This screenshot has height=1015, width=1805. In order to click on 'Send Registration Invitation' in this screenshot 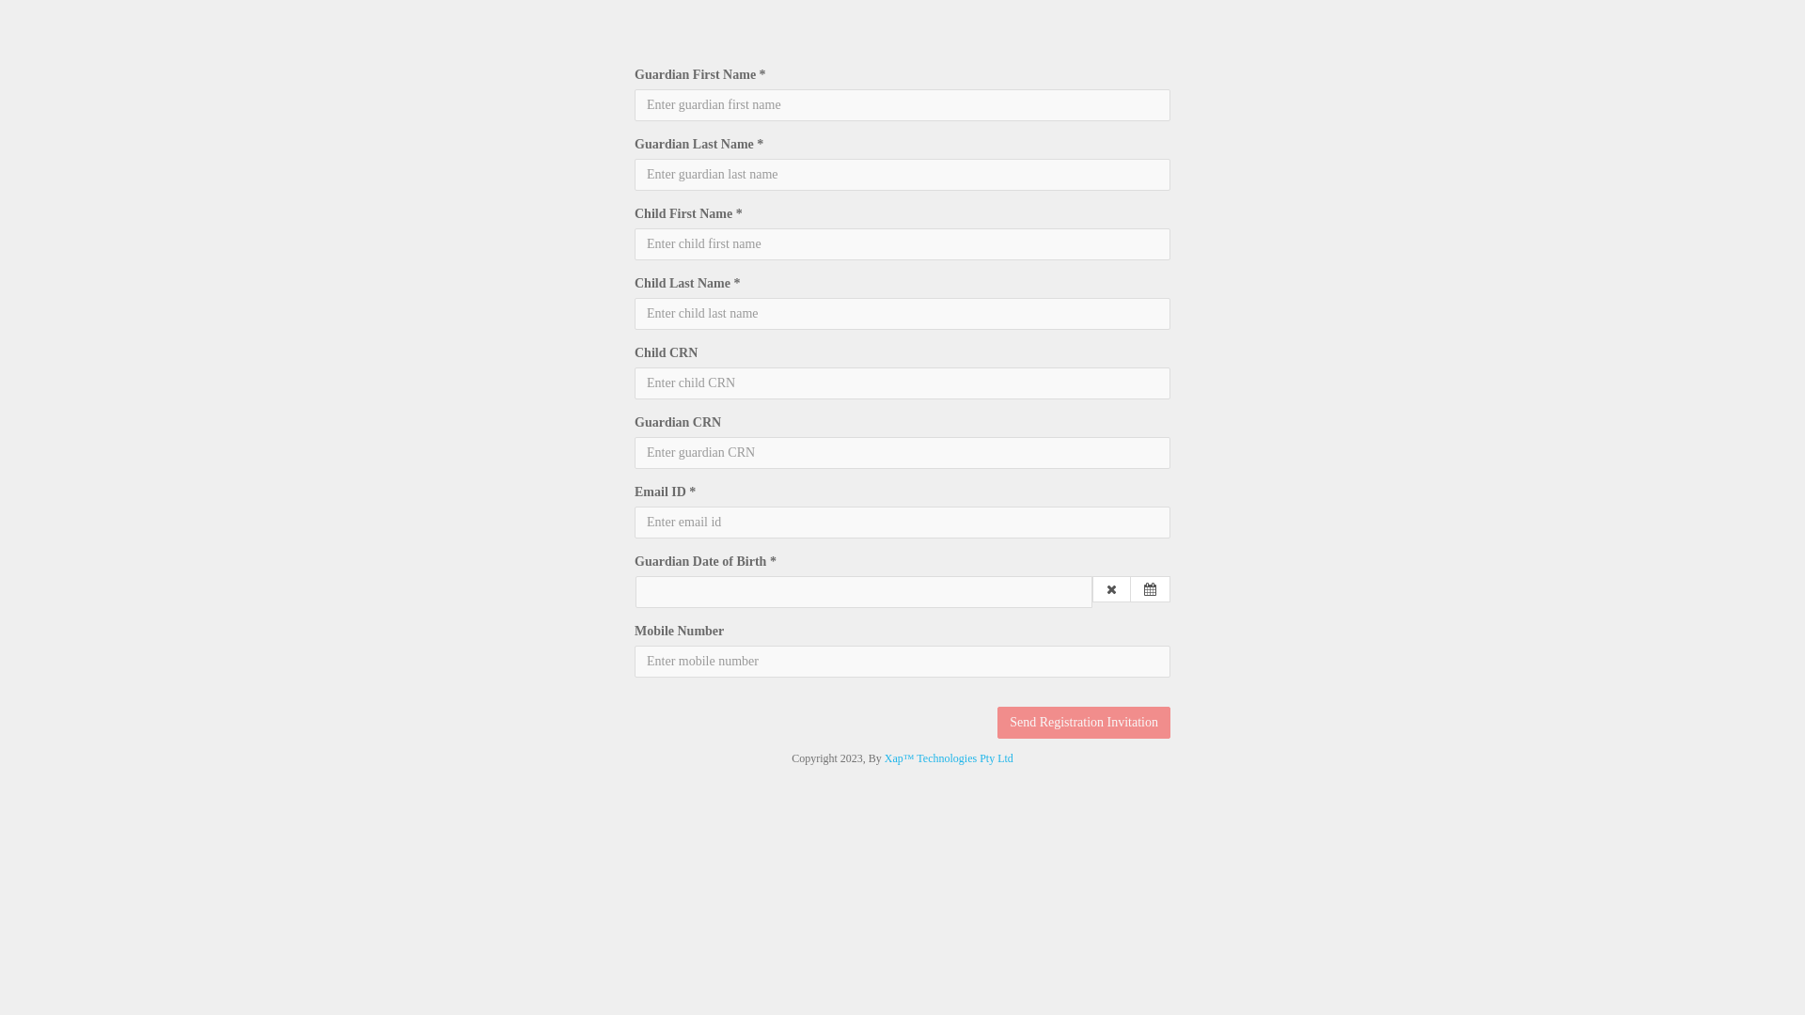, I will do `click(1083, 721)`.